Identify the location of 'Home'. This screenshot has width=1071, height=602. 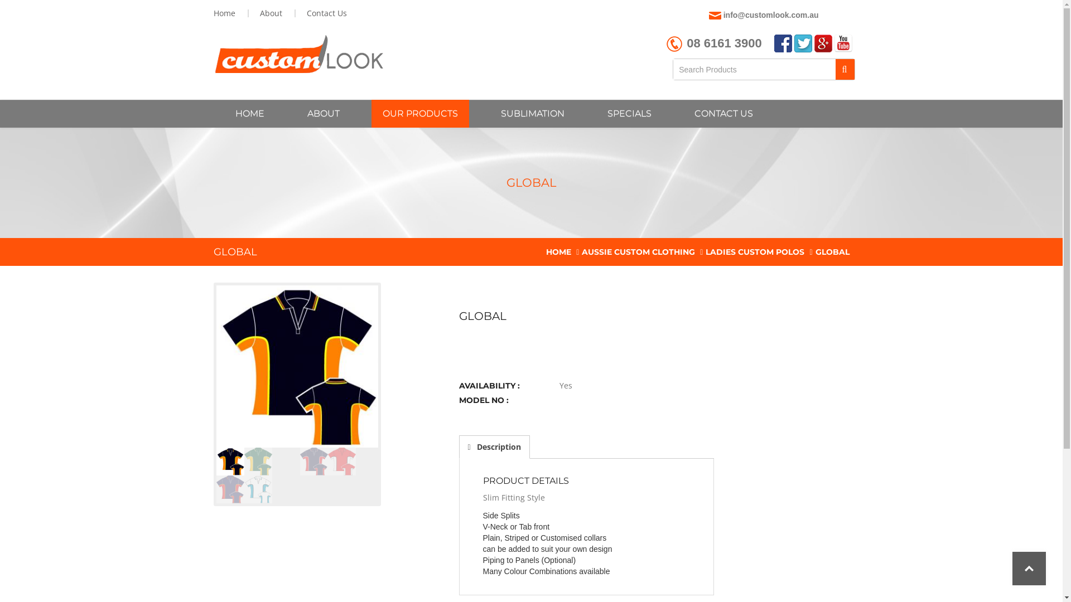
(225, 13).